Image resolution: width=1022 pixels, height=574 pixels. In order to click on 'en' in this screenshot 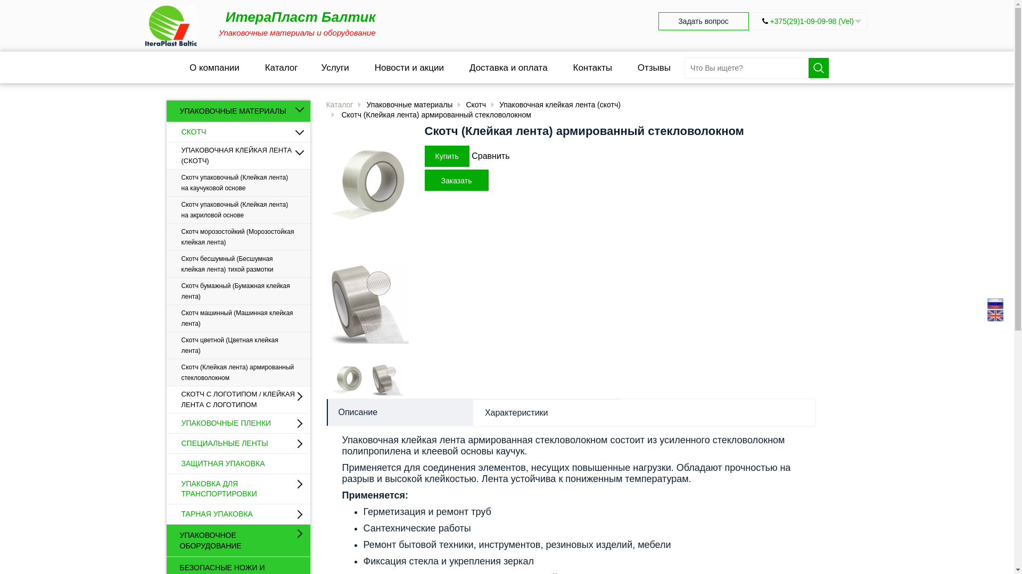, I will do `click(995, 315)`.